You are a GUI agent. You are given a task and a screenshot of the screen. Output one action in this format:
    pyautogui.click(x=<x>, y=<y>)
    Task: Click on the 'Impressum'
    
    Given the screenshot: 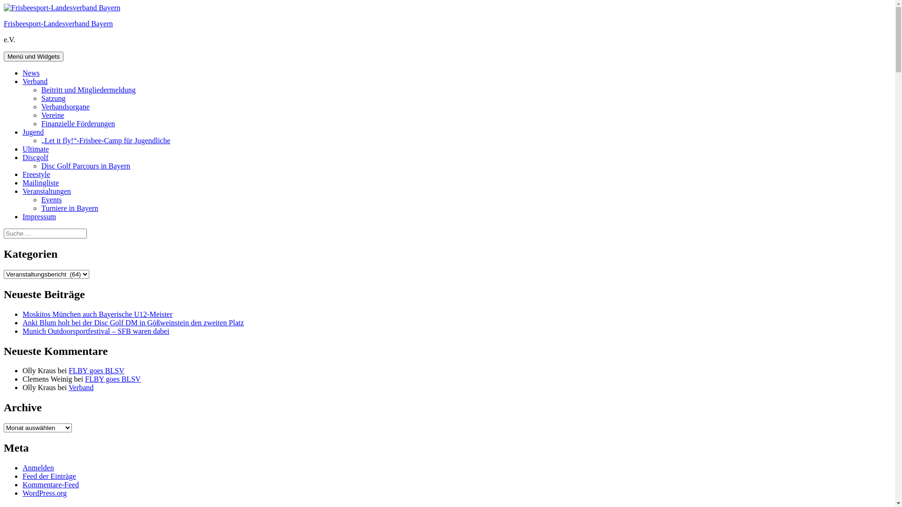 What is the action you would take?
    pyautogui.click(x=39, y=216)
    